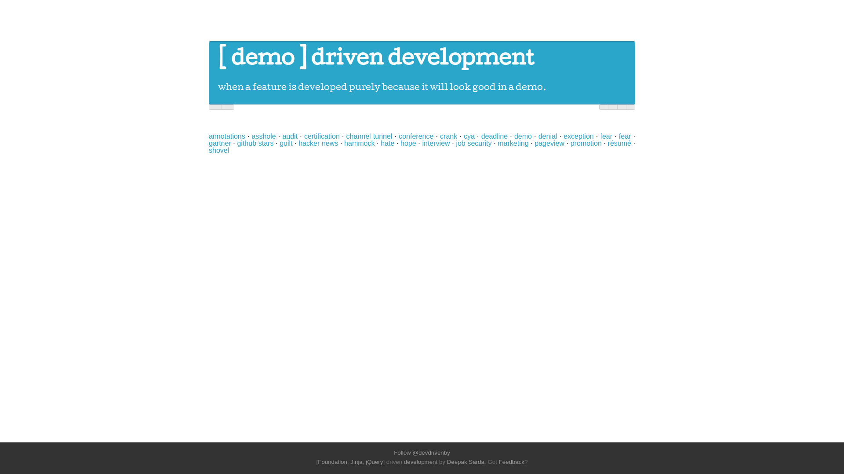 The image size is (844, 474). Describe the element at coordinates (513, 143) in the screenshot. I see `'marketing'` at that location.